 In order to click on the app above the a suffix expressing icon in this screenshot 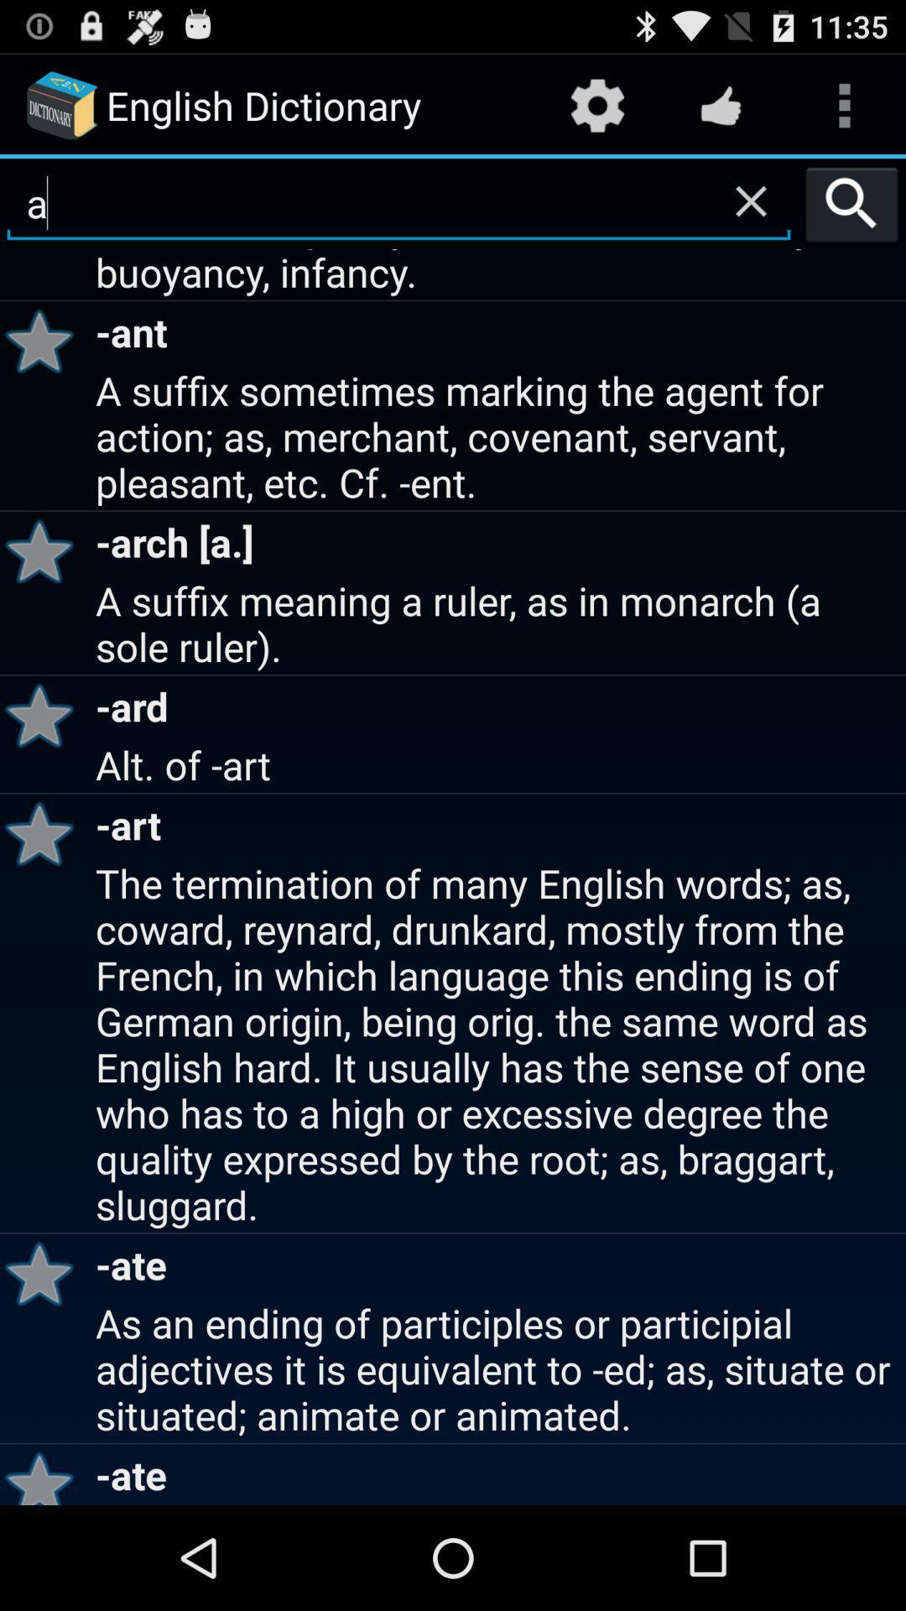, I will do `click(750, 201)`.